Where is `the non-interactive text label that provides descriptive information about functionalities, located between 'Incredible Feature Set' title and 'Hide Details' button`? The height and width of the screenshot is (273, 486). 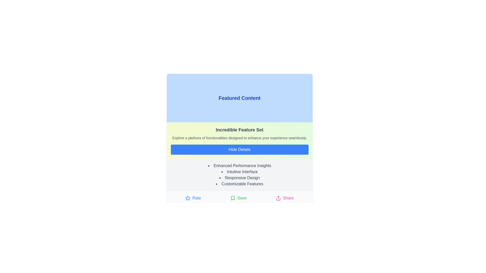
the non-interactive text label that provides descriptive information about functionalities, located between 'Incredible Feature Set' title and 'Hide Details' button is located at coordinates (239, 138).